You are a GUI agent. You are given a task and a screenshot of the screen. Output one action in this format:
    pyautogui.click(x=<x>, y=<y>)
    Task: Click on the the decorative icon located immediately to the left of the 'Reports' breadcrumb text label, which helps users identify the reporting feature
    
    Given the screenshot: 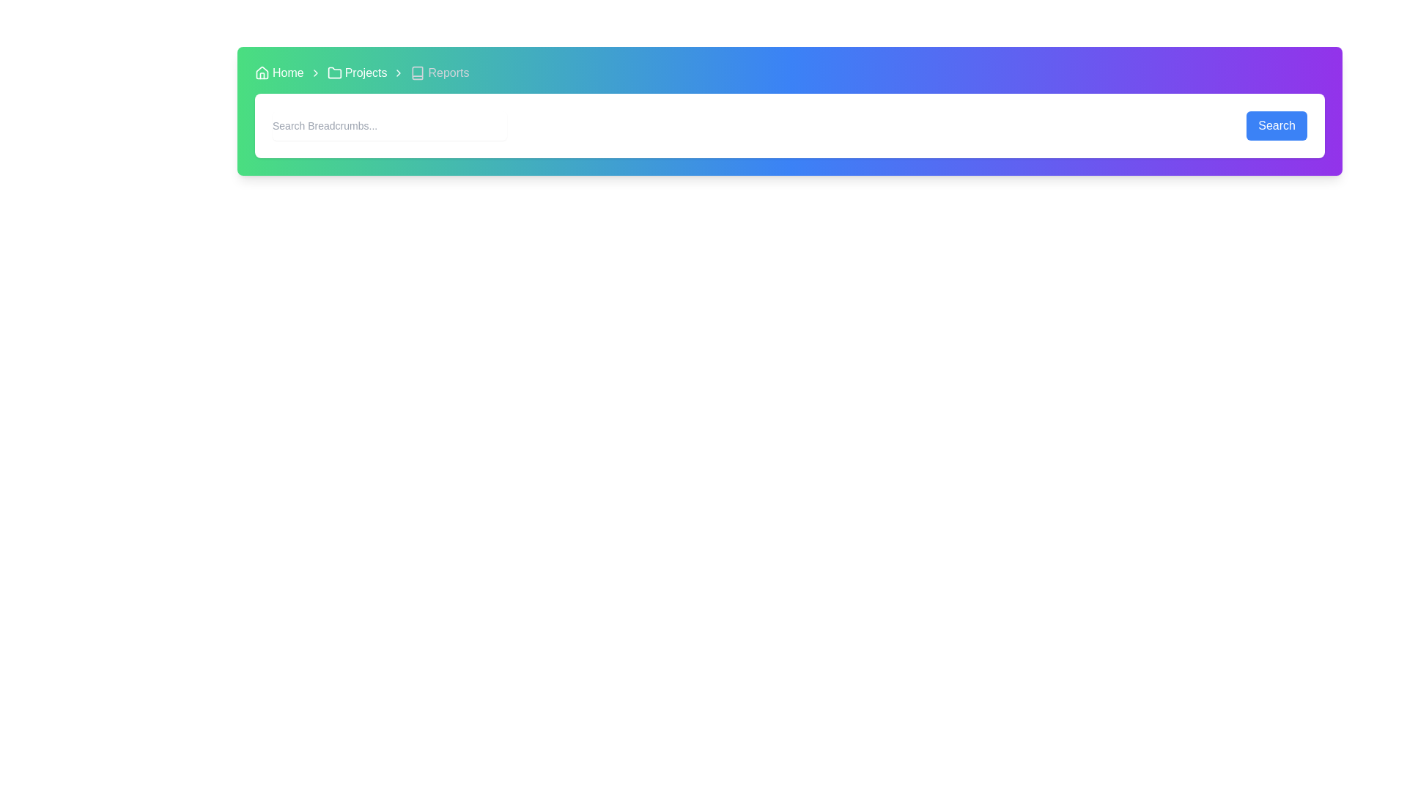 What is the action you would take?
    pyautogui.click(x=417, y=73)
    